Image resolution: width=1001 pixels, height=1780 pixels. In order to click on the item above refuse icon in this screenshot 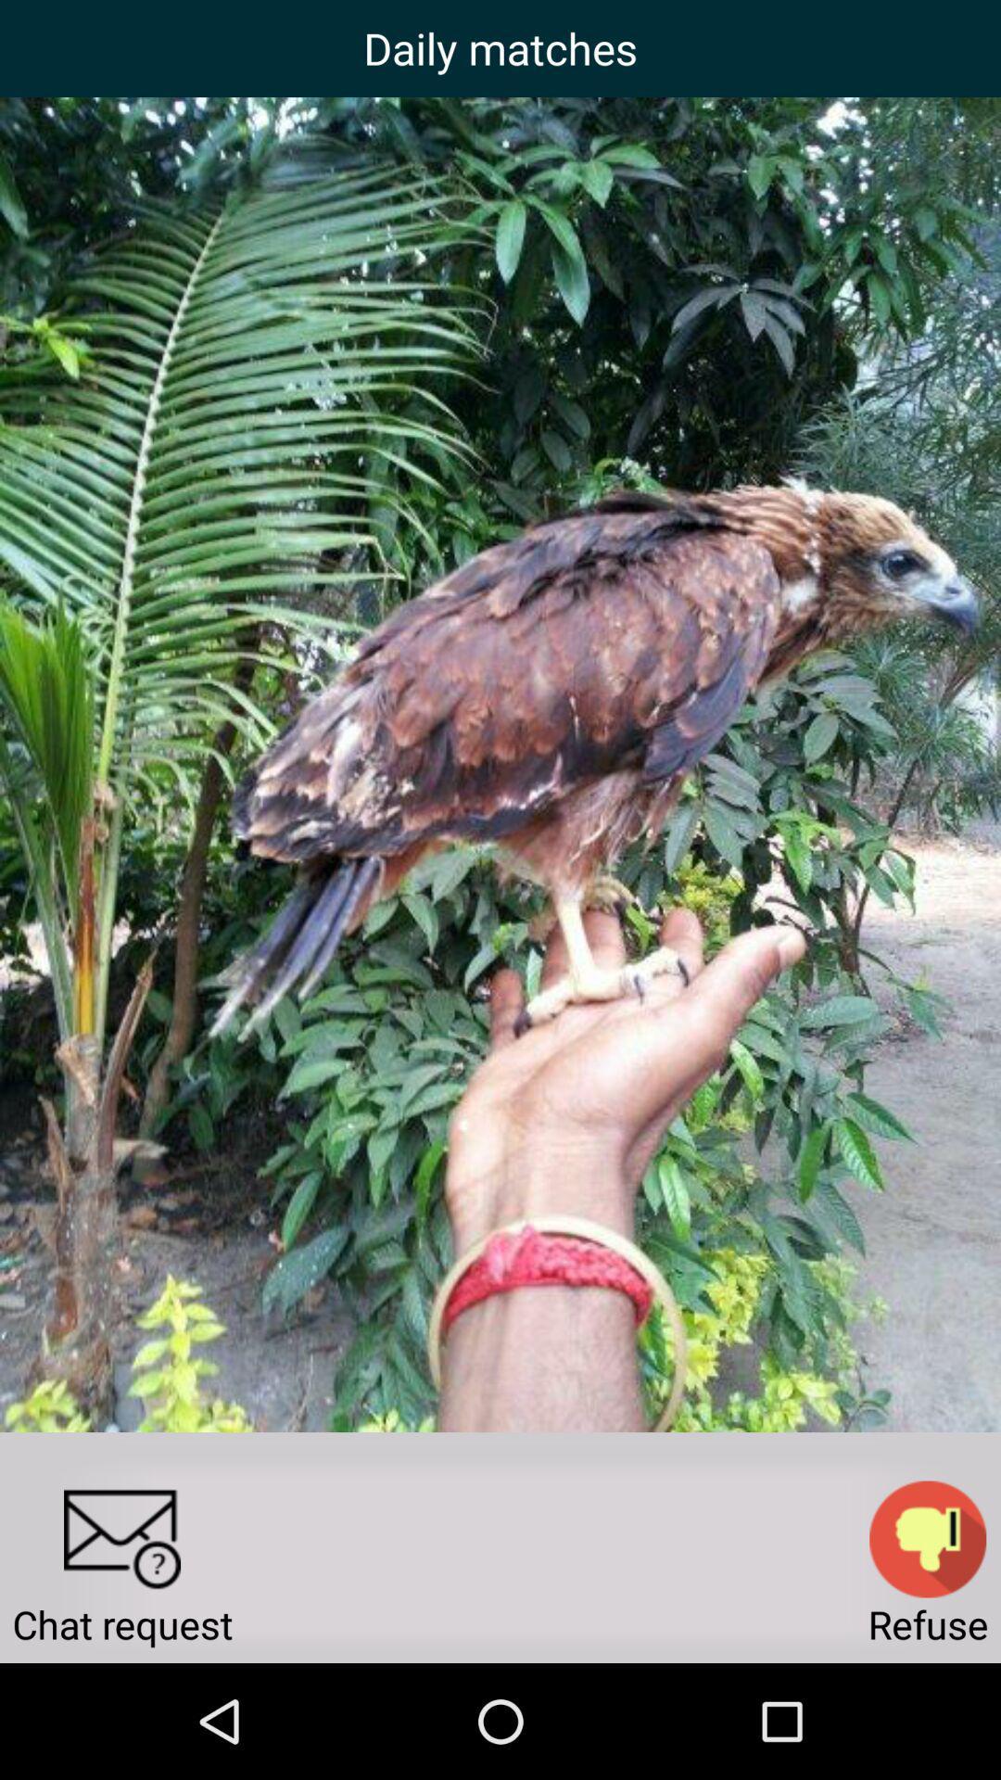, I will do `click(928, 1539)`.